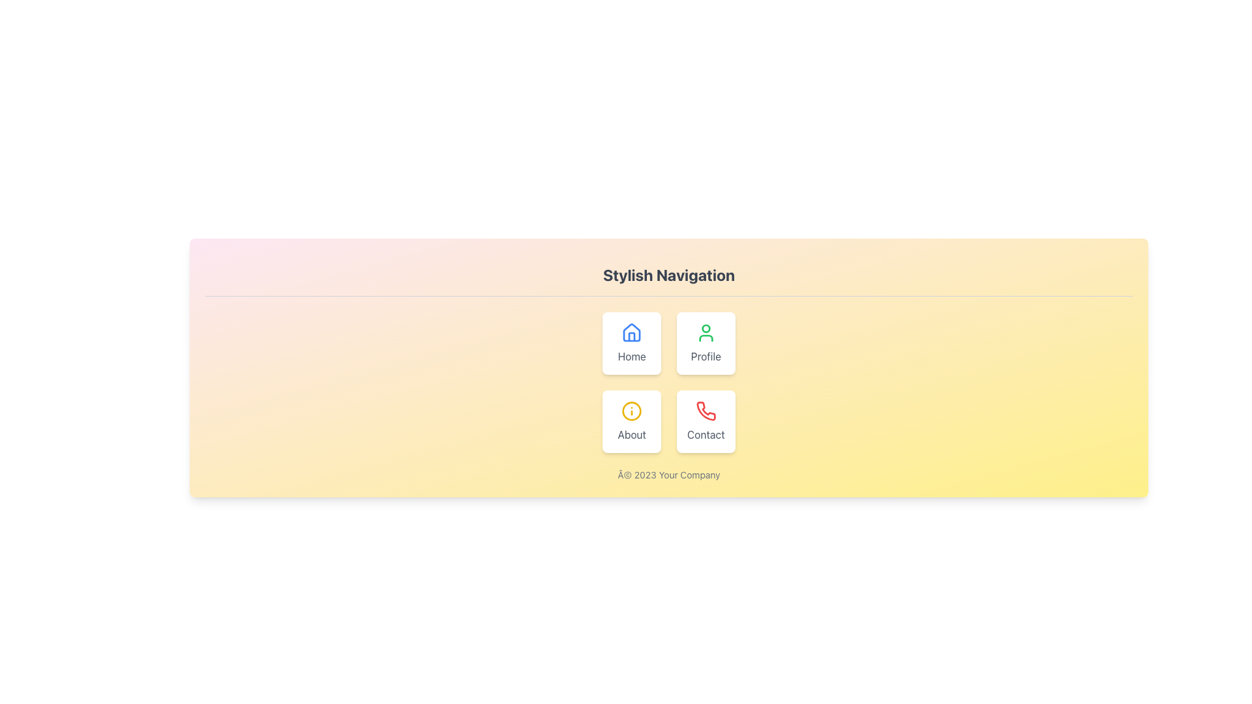 This screenshot has width=1252, height=704. Describe the element at coordinates (705, 435) in the screenshot. I see `the 'Contact' text label area` at that location.